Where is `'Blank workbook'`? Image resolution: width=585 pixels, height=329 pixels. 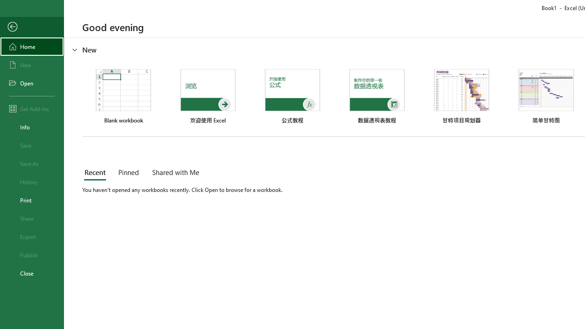
'Blank workbook' is located at coordinates (123, 96).